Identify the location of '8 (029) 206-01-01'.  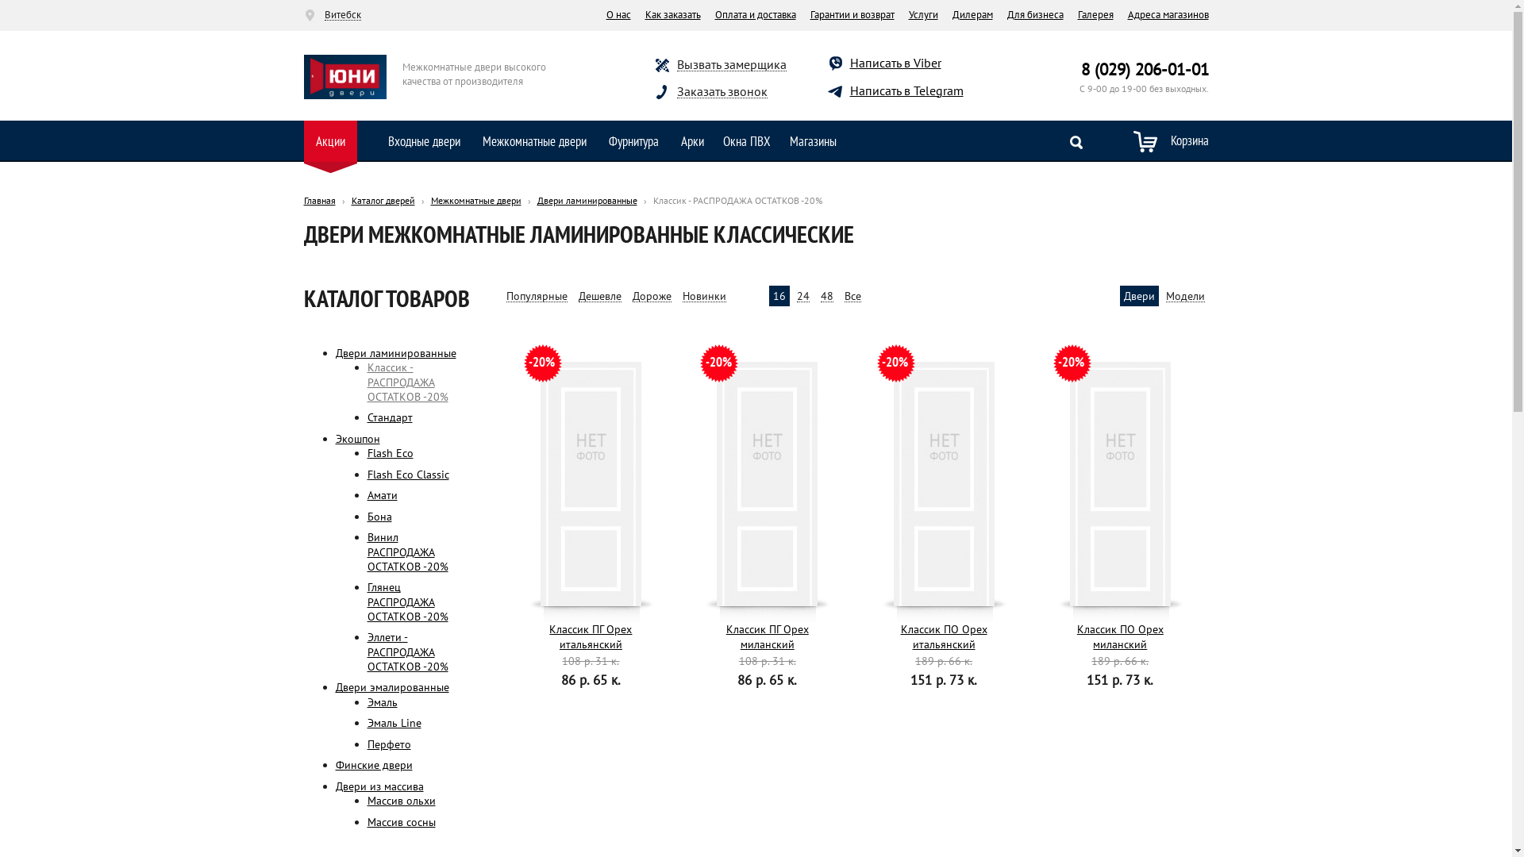
(1145, 68).